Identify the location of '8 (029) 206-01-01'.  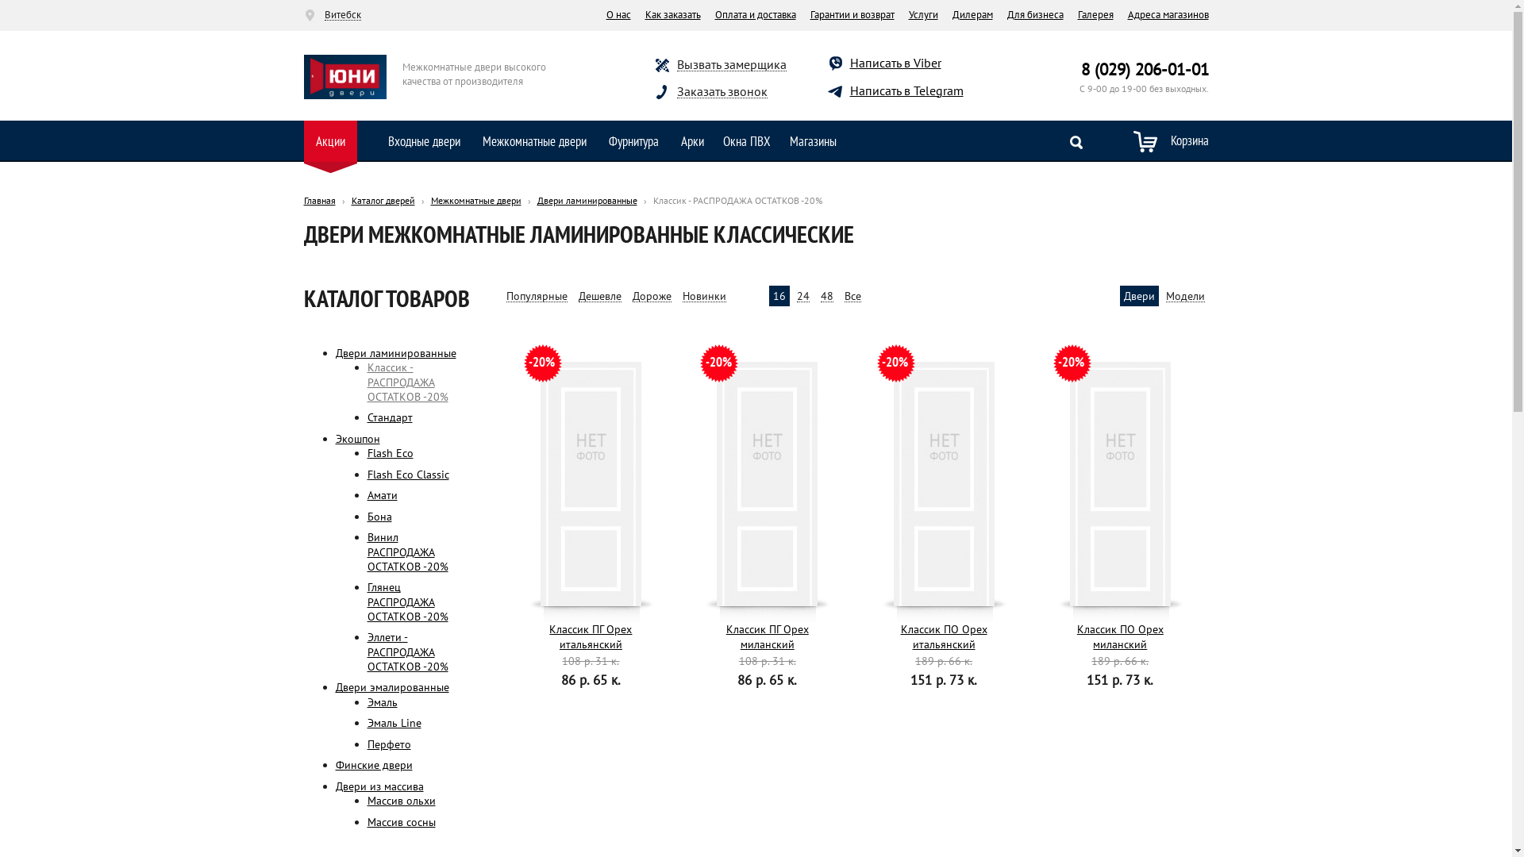
(1145, 68).